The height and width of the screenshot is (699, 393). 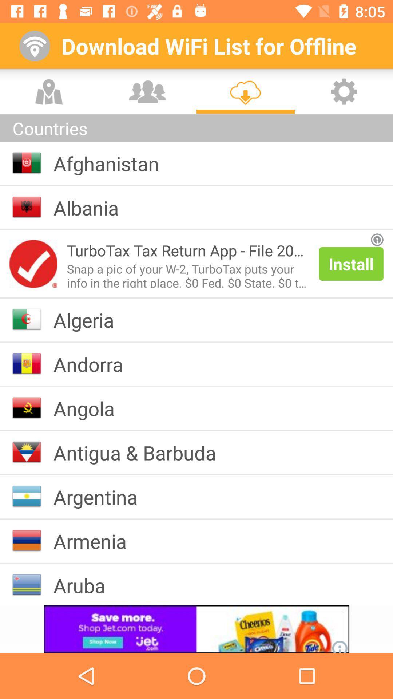 I want to click on andorra item, so click(x=94, y=364).